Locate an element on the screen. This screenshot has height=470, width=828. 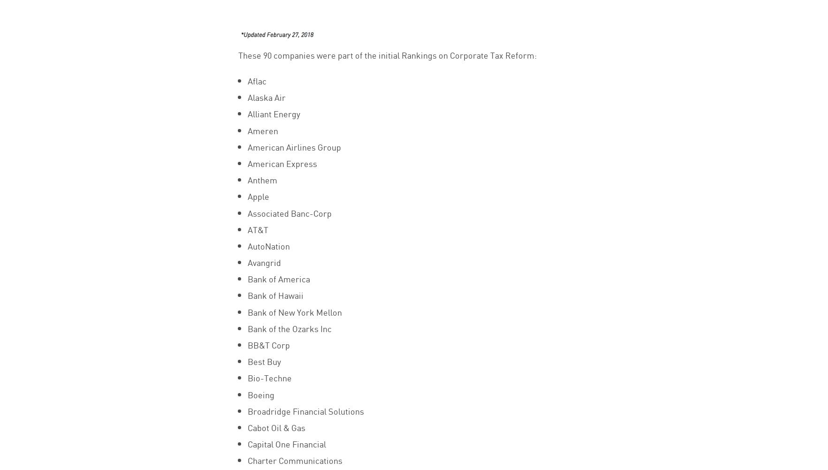
'Alliant Energy' is located at coordinates (273, 113).